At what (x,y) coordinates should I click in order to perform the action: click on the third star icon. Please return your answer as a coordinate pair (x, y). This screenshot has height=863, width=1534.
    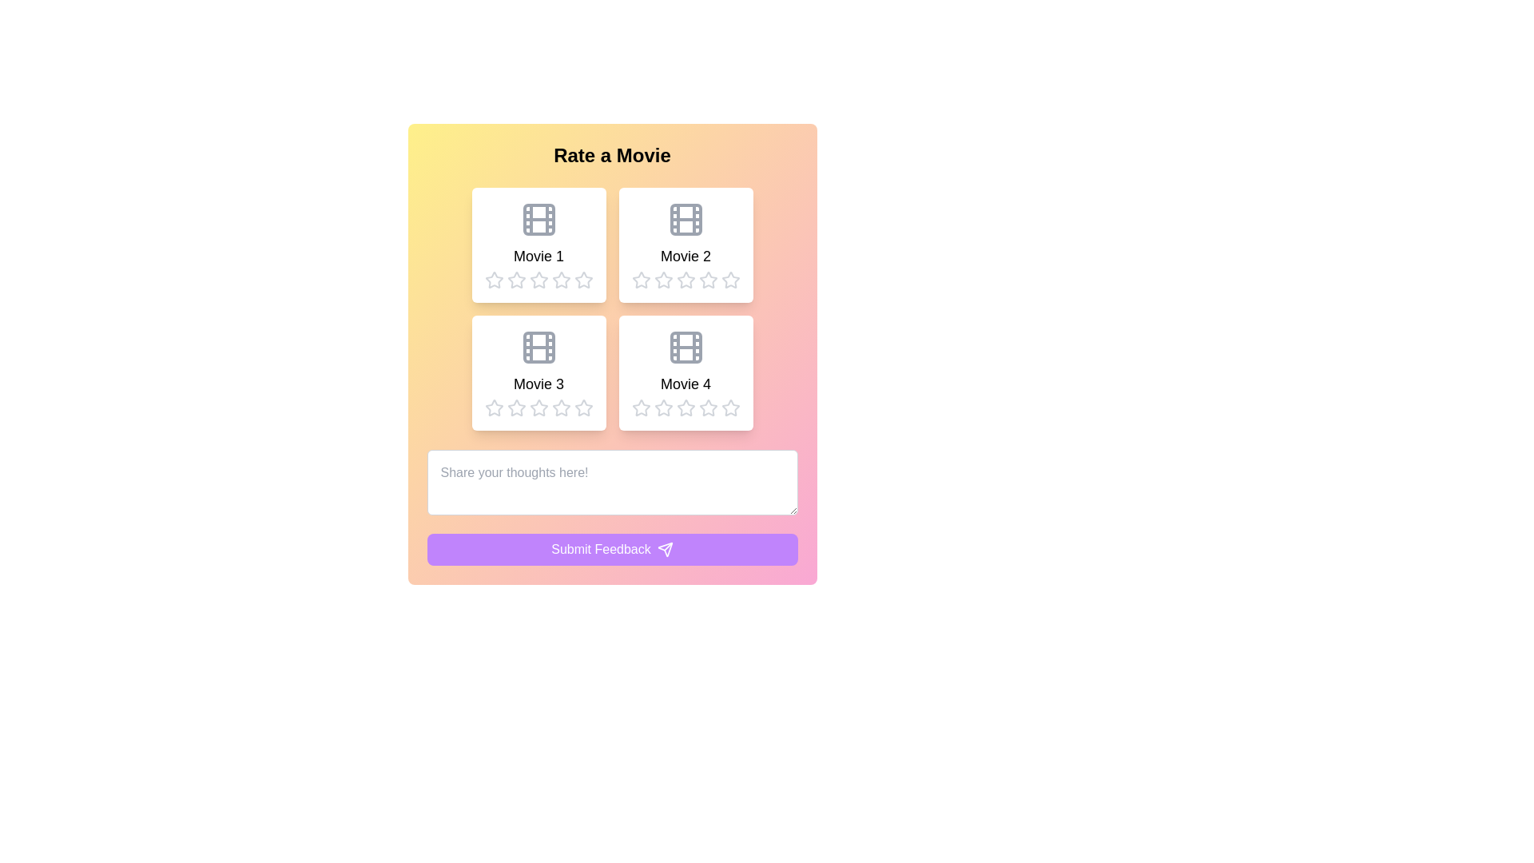
    Looking at the image, I should click on (686, 407).